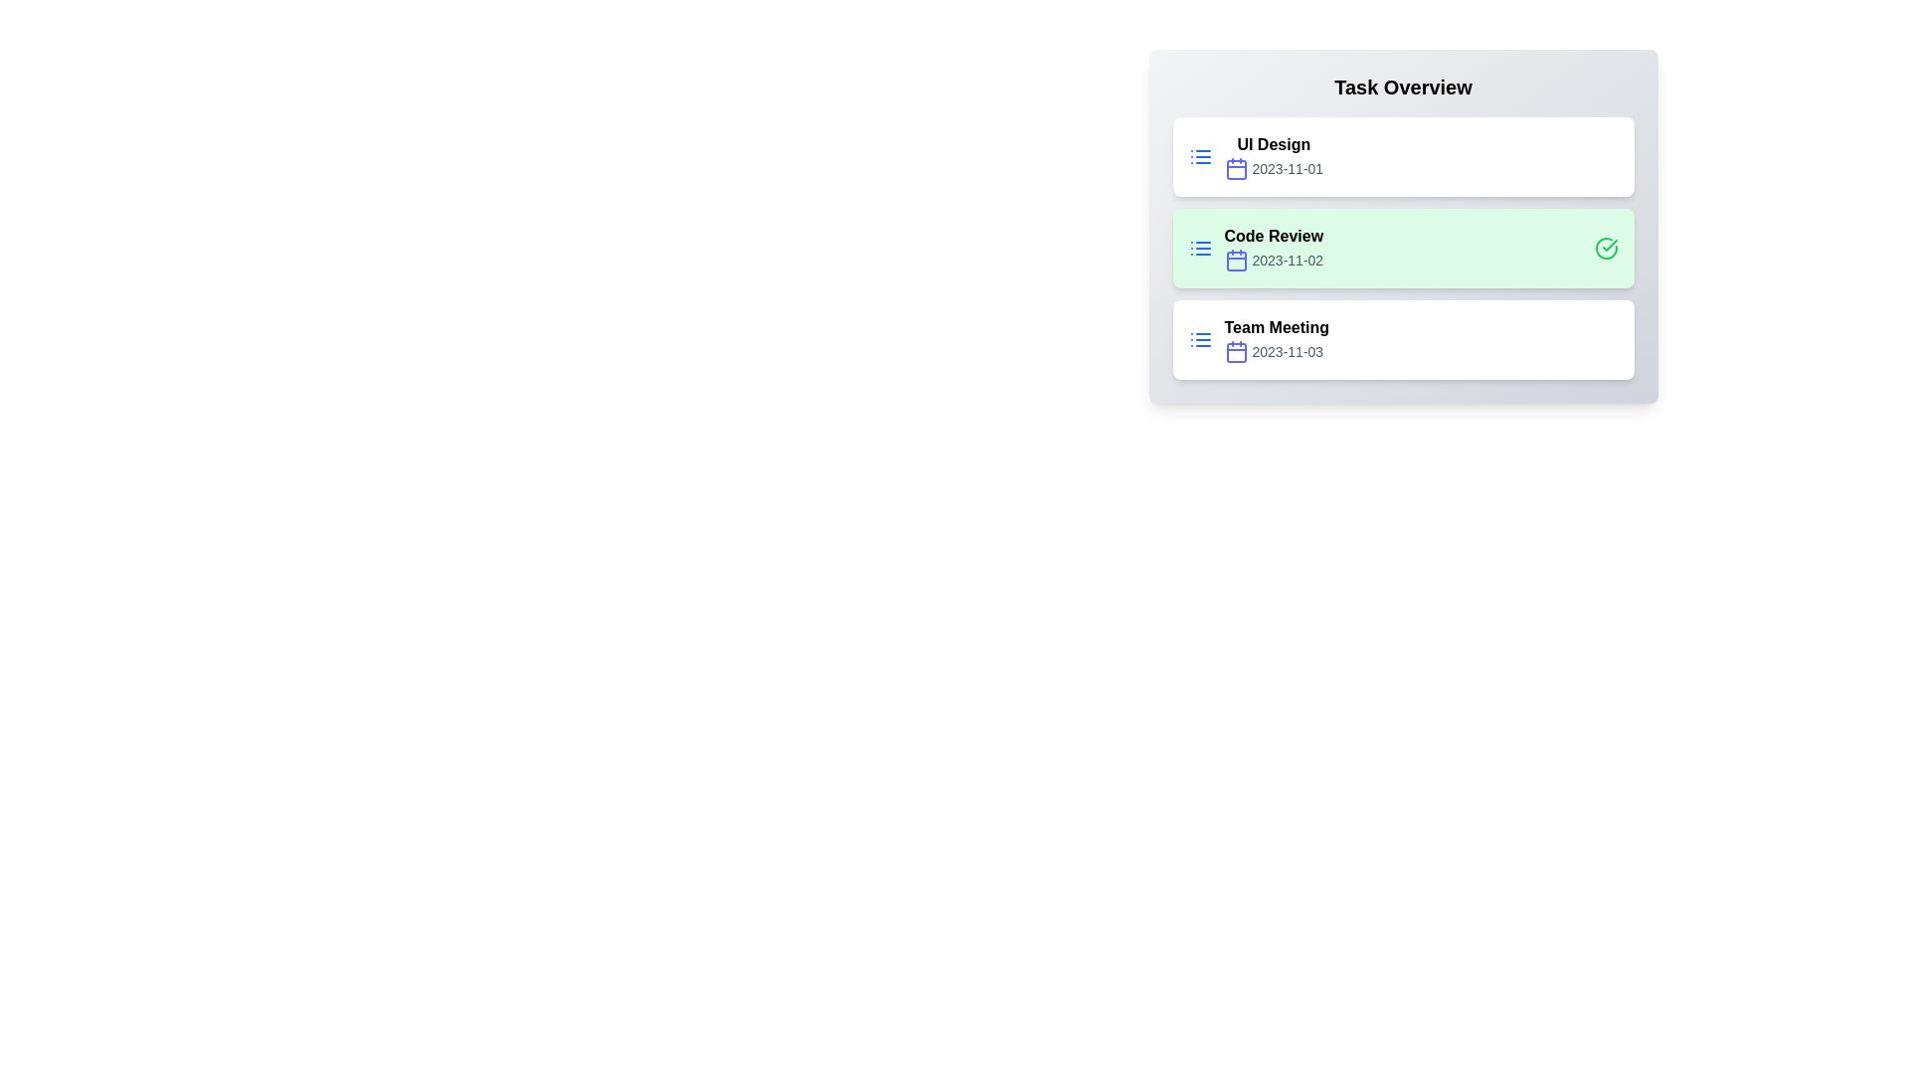 The height and width of the screenshot is (1074, 1909). What do you see at coordinates (1402, 248) in the screenshot?
I see `the task titled Code Review to open its detailed view` at bounding box center [1402, 248].